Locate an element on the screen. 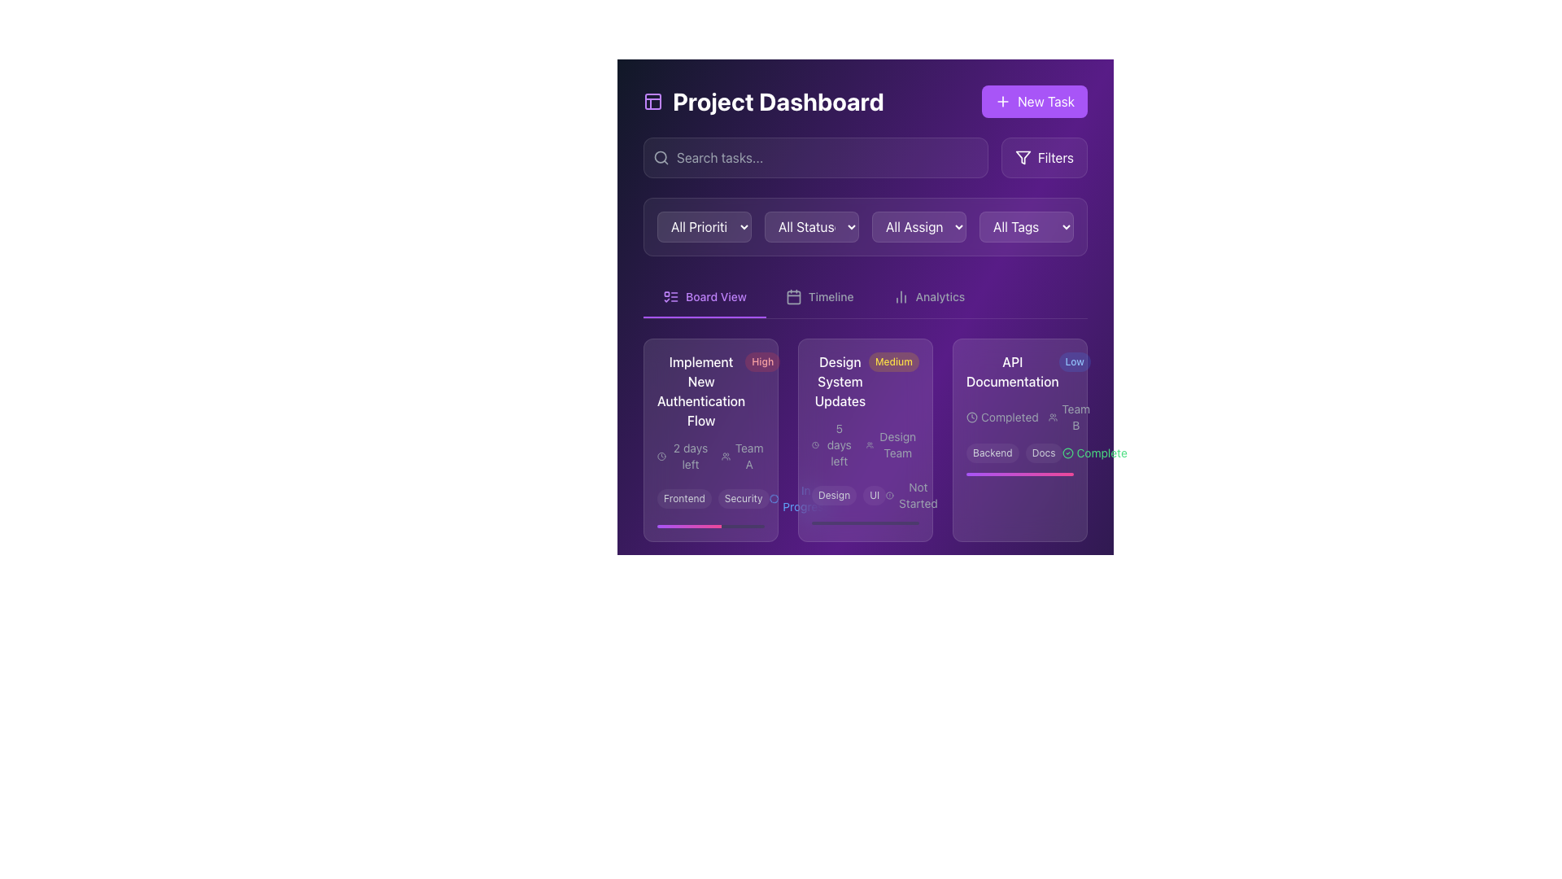 The height and width of the screenshot is (879, 1562). the centered text block displaying 'Implement New Authentication Flow' in white color, styled against a purple background, located at the top left section of the Kanban-style task board is located at coordinates (701, 391).